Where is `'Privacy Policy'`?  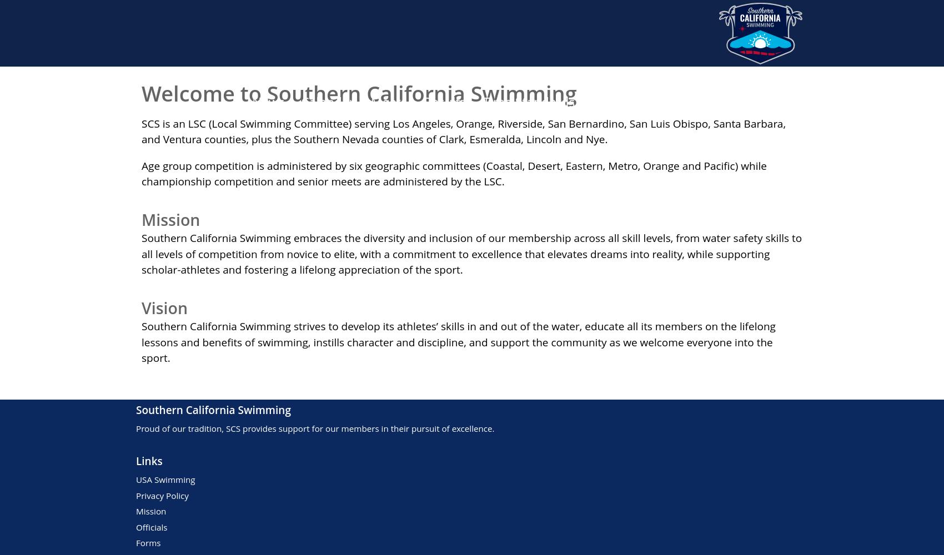
'Privacy Policy' is located at coordinates (162, 495).